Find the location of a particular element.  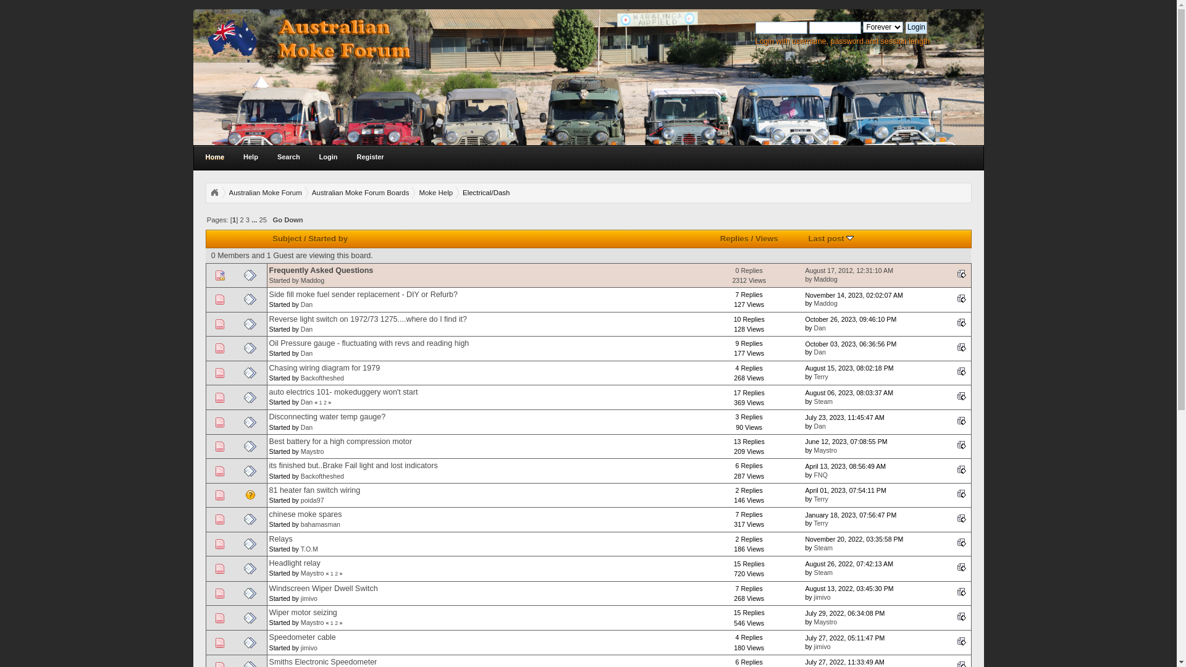

'Disconnecting water temp gauge?' is located at coordinates (269, 417).